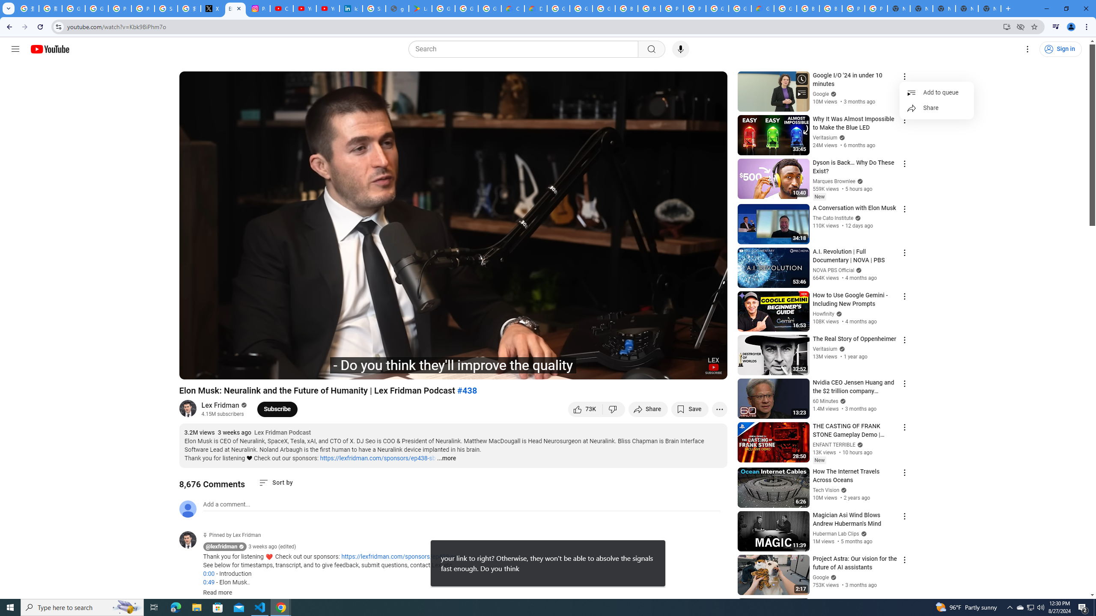 Image resolution: width=1096 pixels, height=616 pixels. I want to click on 'Search with your voice', so click(680, 49).